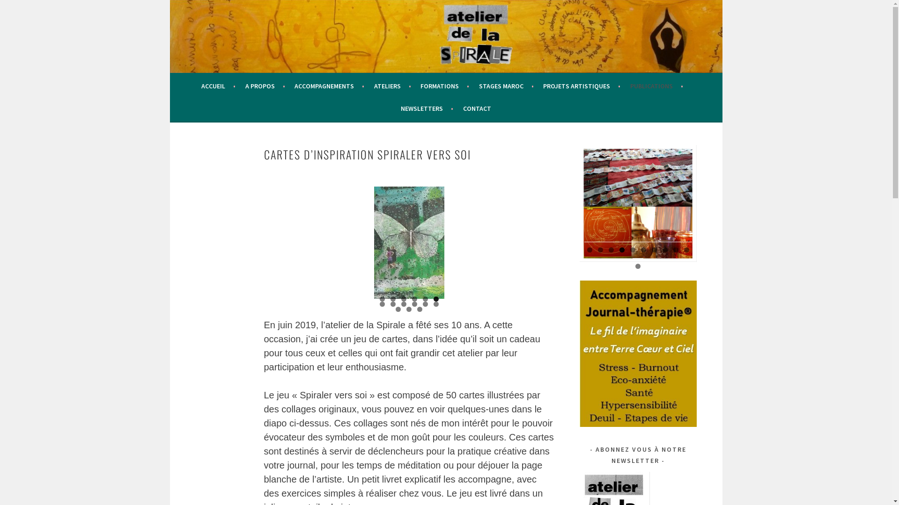 The width and height of the screenshot is (899, 505). What do you see at coordinates (424, 299) in the screenshot?
I see `'5'` at bounding box center [424, 299].